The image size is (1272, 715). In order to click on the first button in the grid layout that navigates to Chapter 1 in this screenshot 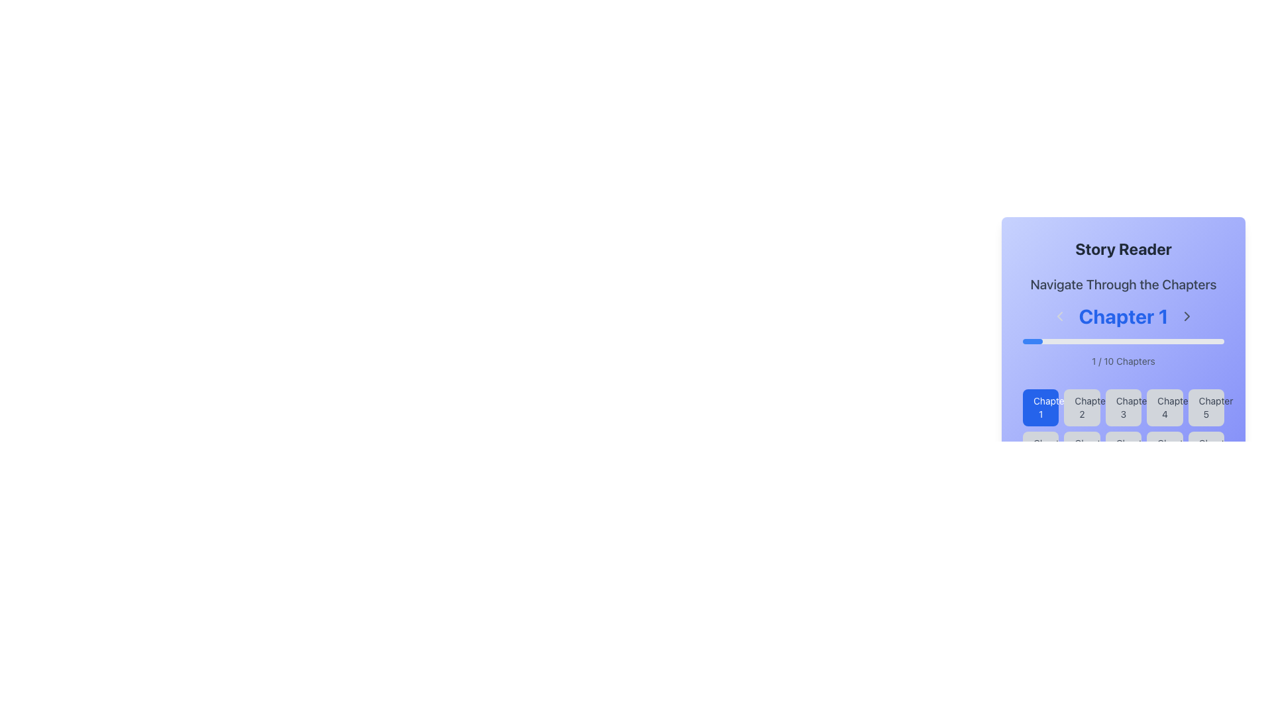, I will do `click(1040, 407)`.